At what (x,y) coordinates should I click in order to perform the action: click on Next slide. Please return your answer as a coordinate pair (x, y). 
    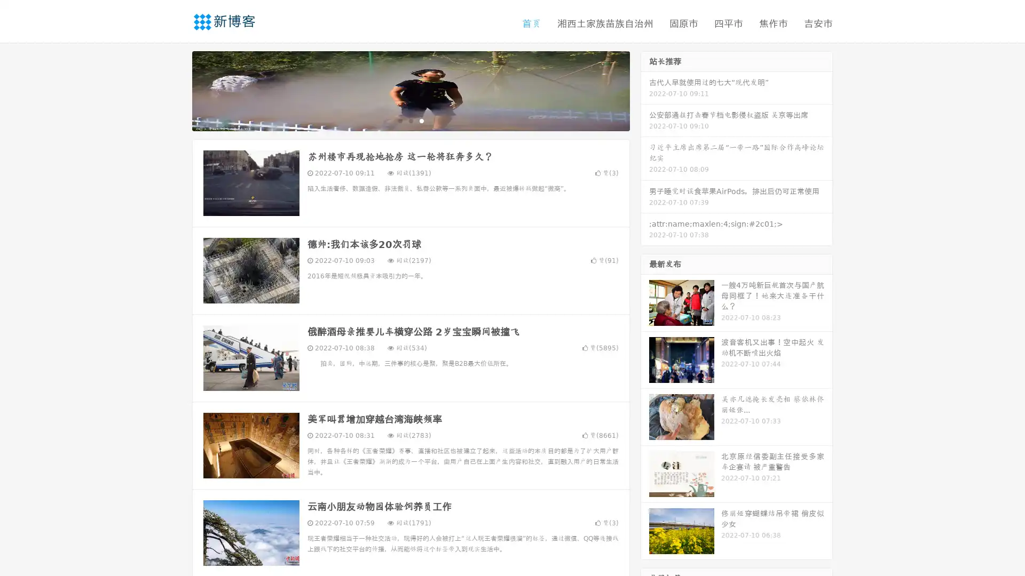
    Looking at the image, I should click on (645, 90).